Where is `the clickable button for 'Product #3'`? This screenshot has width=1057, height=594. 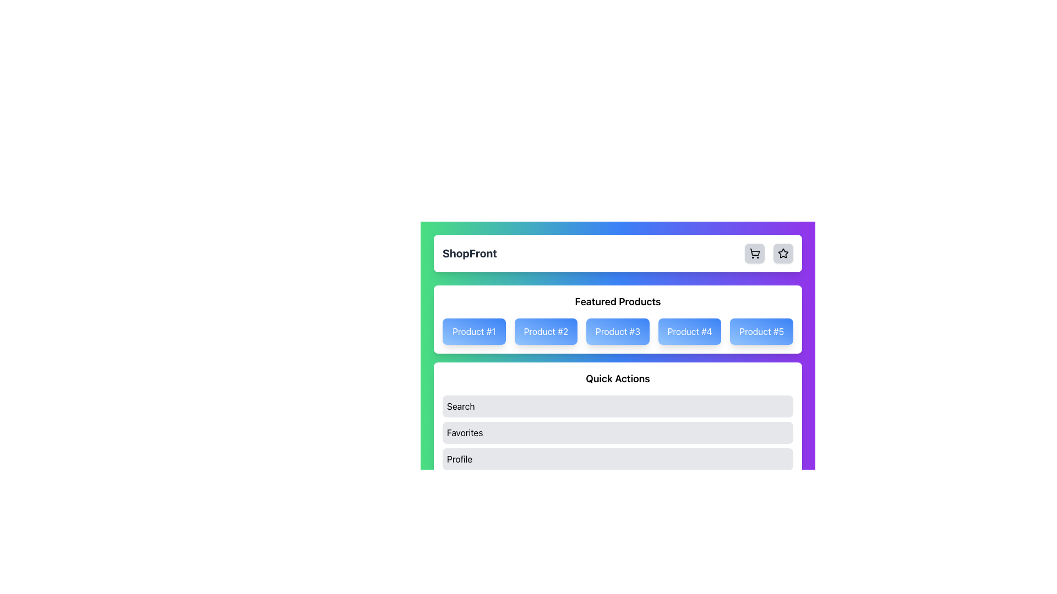
the clickable button for 'Product #3' is located at coordinates (618, 338).